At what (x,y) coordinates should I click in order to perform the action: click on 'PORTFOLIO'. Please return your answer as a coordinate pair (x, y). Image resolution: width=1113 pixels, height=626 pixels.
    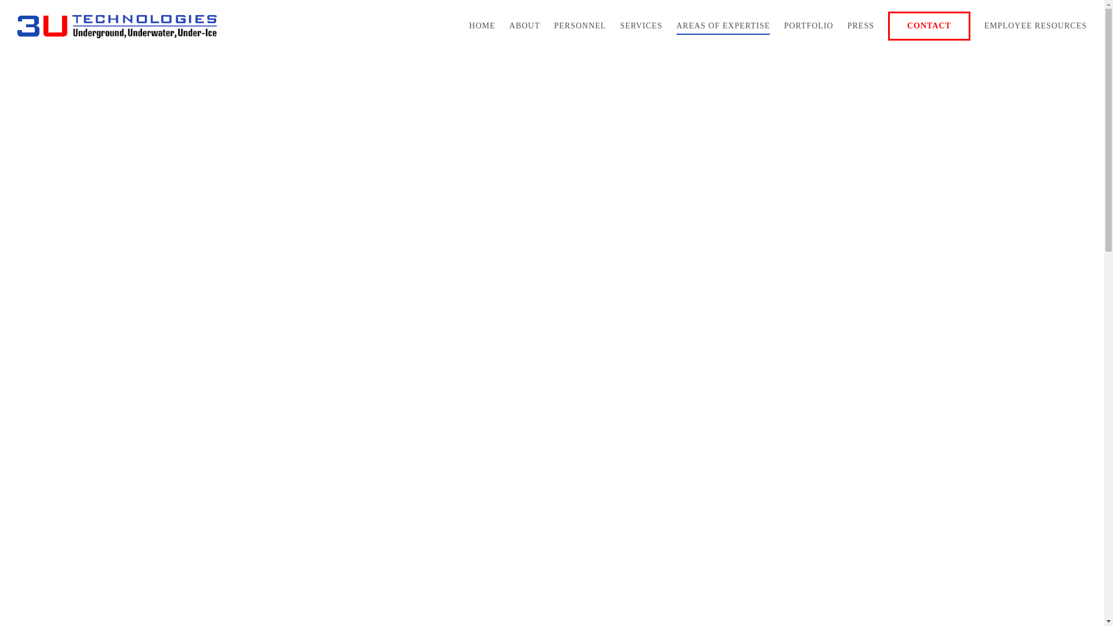
    Looking at the image, I should click on (808, 26).